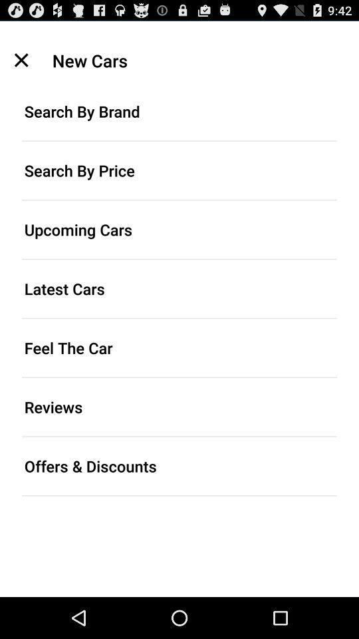  Describe the element at coordinates (179, 406) in the screenshot. I see `reviews item` at that location.